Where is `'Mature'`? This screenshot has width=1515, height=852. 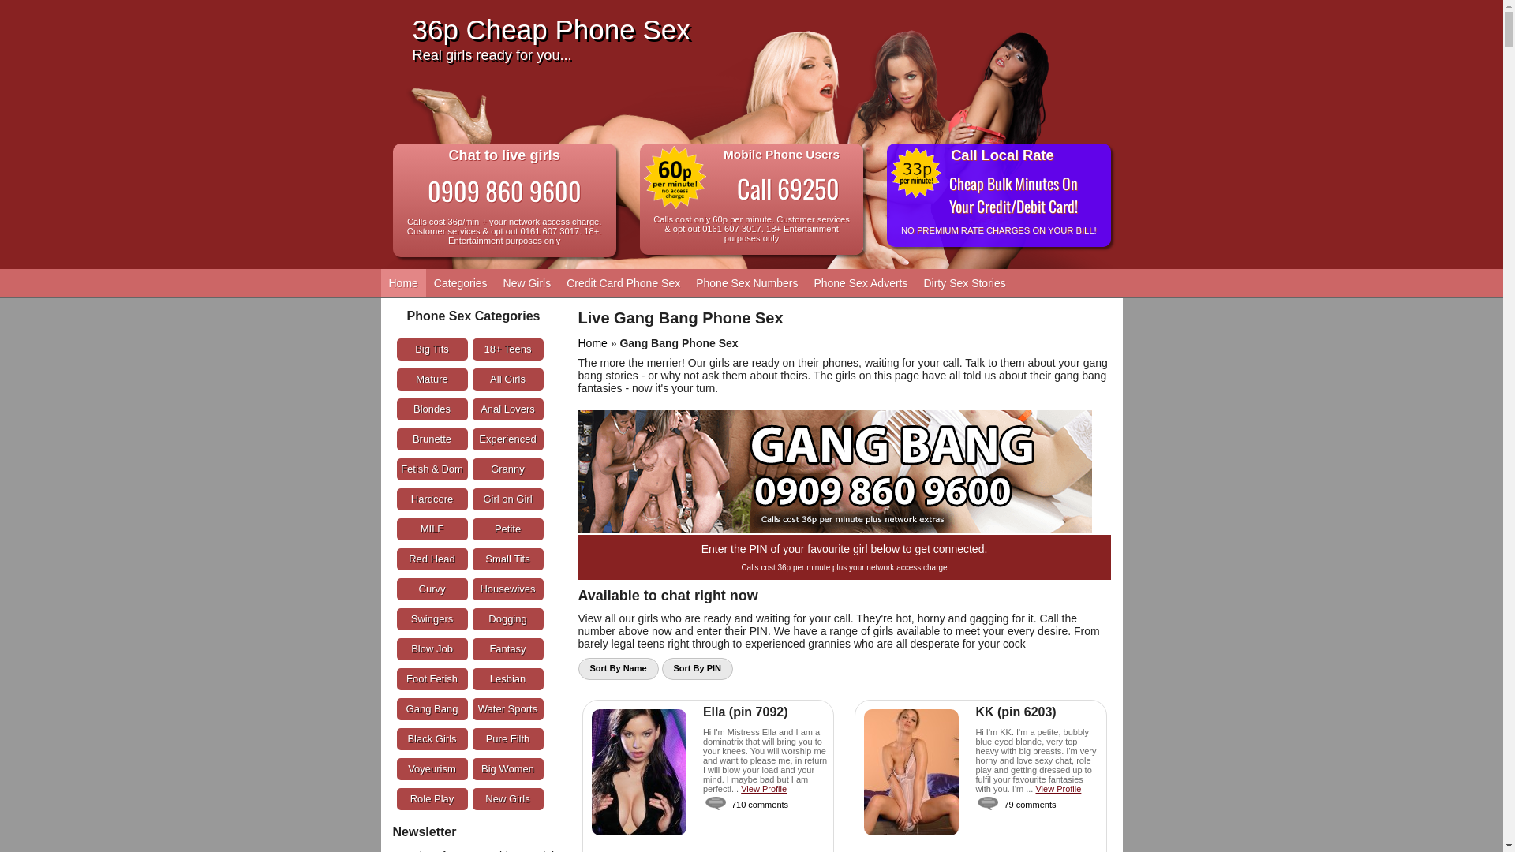
'Mature' is located at coordinates (432, 379).